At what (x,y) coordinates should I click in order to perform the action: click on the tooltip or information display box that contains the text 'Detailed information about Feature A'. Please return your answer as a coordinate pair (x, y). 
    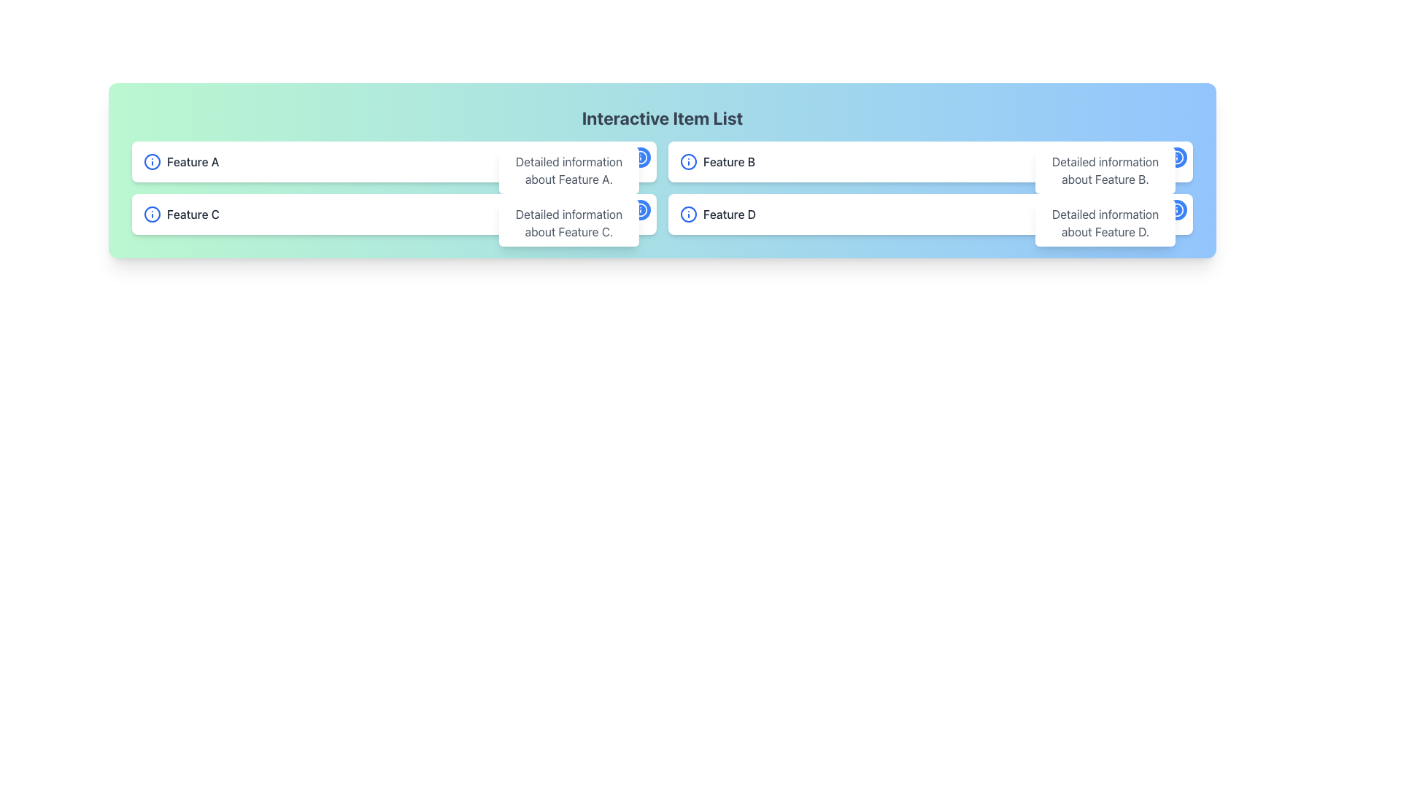
    Looking at the image, I should click on (568, 170).